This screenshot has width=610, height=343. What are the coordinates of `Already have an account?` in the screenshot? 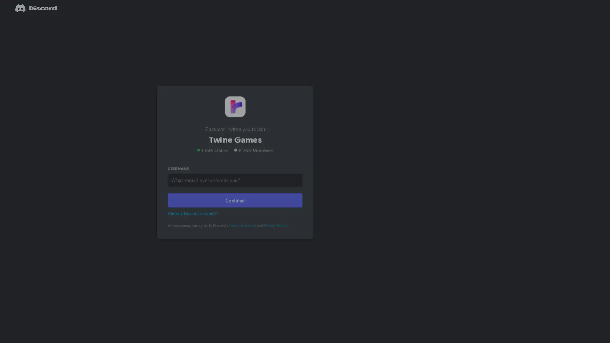 It's located at (193, 221).